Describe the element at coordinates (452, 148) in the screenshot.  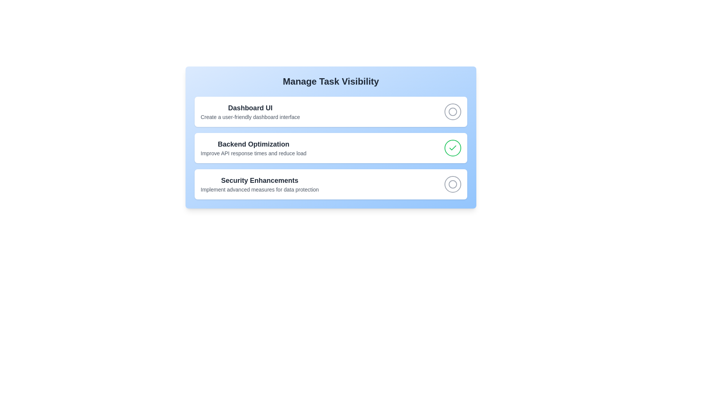
I see `the button for marking the 'Backend Optimization' task as completed or active` at that location.